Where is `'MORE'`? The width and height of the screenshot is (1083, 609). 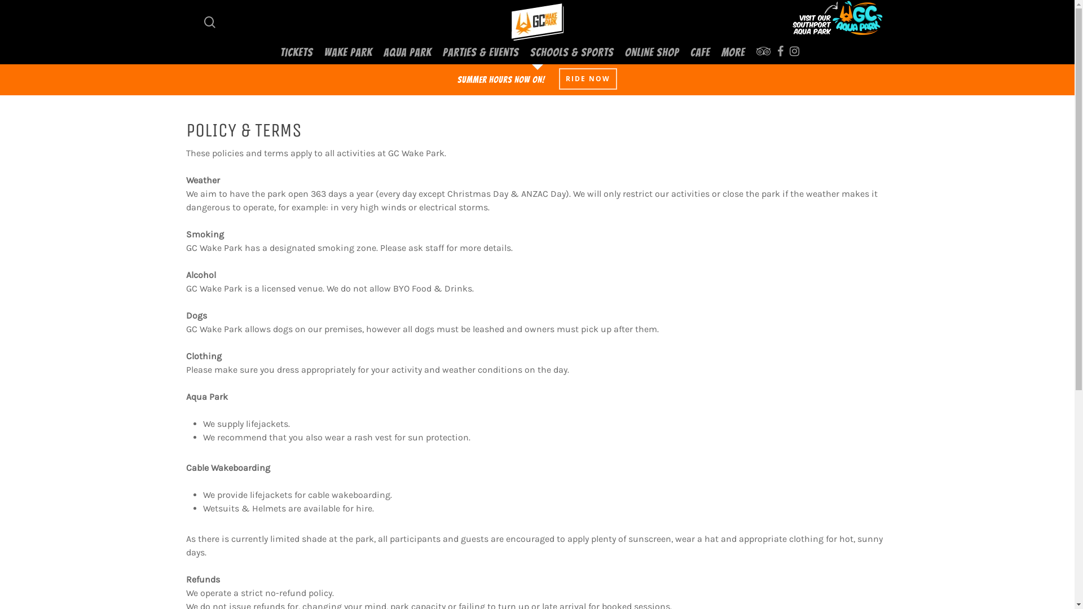 'MORE' is located at coordinates (733, 52).